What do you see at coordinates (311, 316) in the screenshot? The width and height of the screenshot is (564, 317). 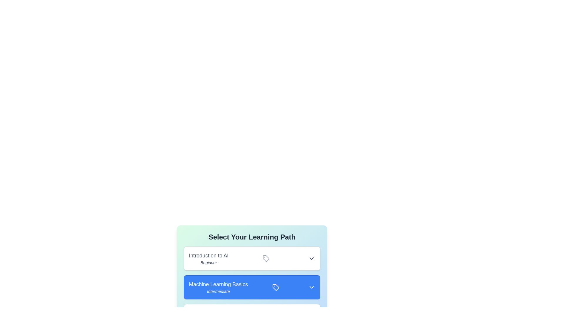 I see `the dropdown button of the learning path Advanced Deep Learning to expand or collapse its details` at bounding box center [311, 316].